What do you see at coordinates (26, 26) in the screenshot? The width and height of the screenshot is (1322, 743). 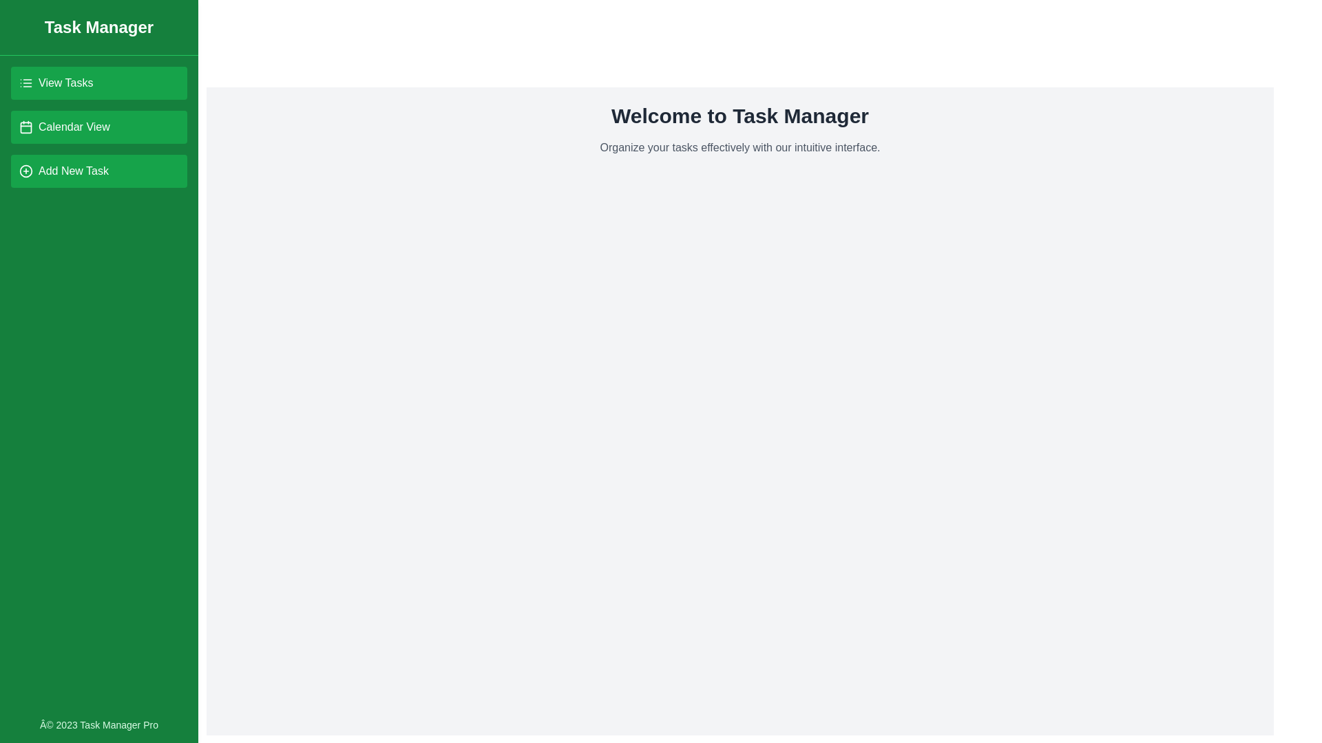 I see `the toggle button at the top-left corner to hide the drawer` at bounding box center [26, 26].